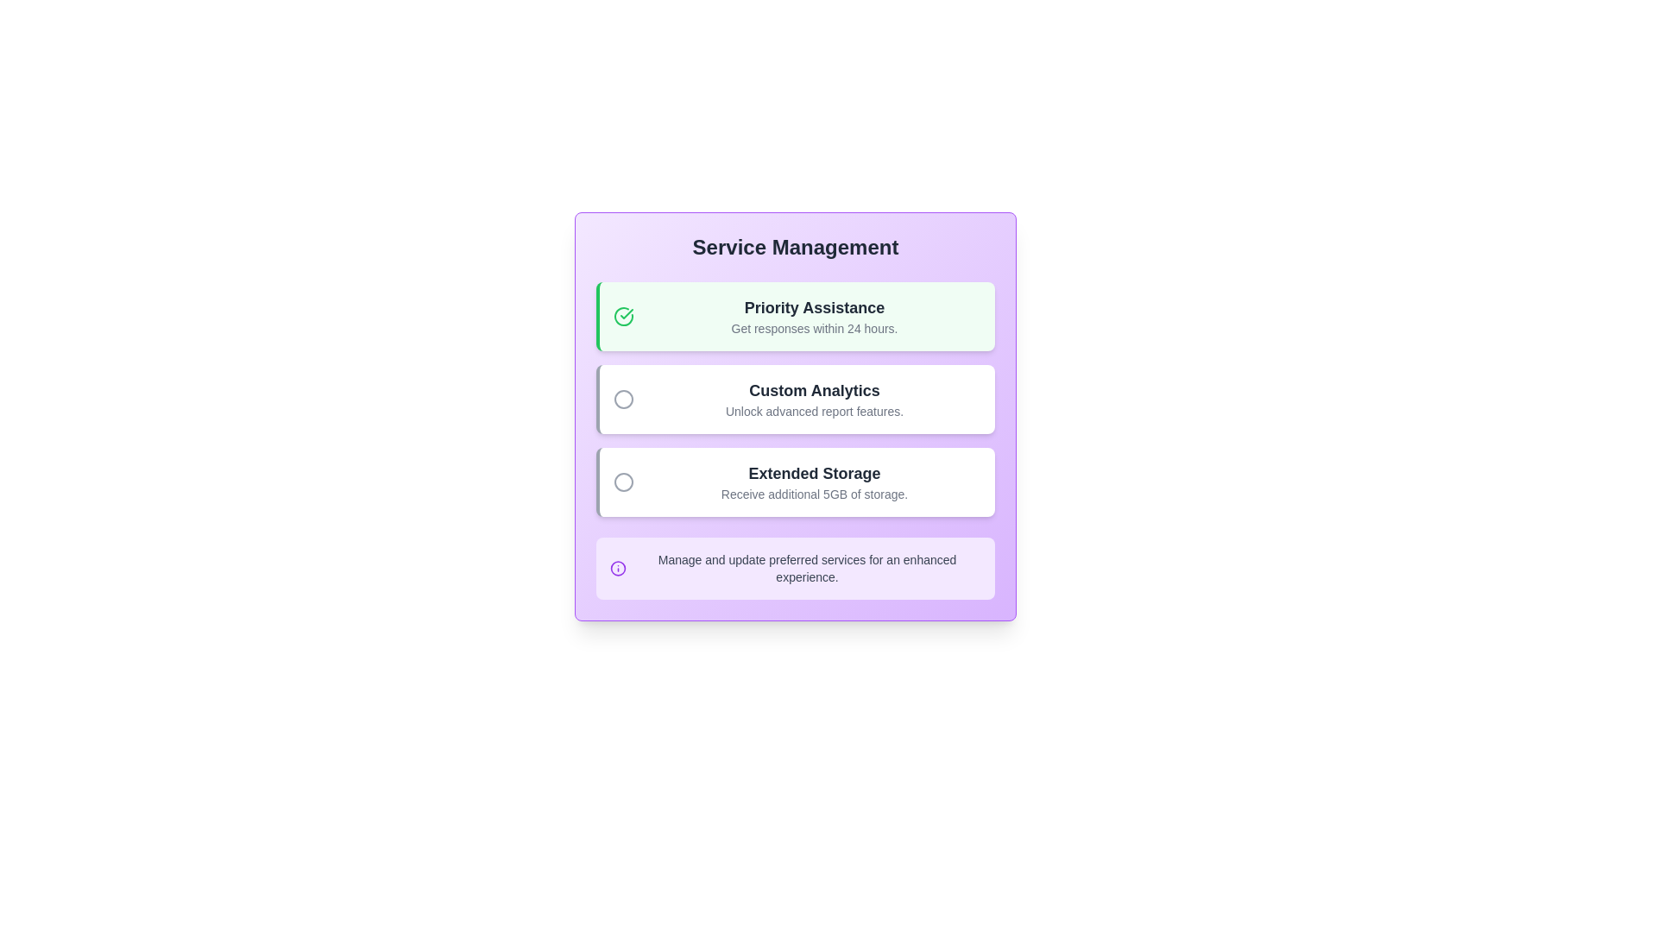 This screenshot has height=932, width=1657. What do you see at coordinates (814, 316) in the screenshot?
I see `the descriptive text element that communicates the benefit of 'Priority Assistance' with a response time of 24 hours, located in the first row of a multi-row list within the purple panel titled 'Service Management'` at bounding box center [814, 316].